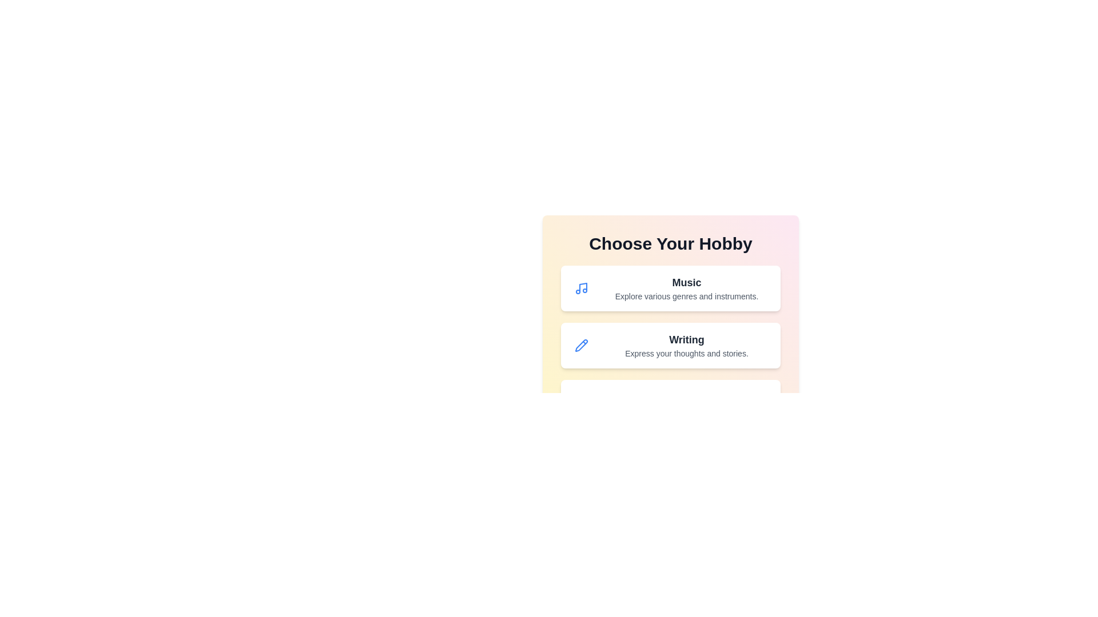  What do you see at coordinates (582, 288) in the screenshot?
I see `the icon corresponding to Music to inspect its design` at bounding box center [582, 288].